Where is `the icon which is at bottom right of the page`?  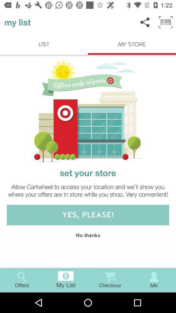
the icon which is at bottom right of the page is located at coordinates (154, 276).